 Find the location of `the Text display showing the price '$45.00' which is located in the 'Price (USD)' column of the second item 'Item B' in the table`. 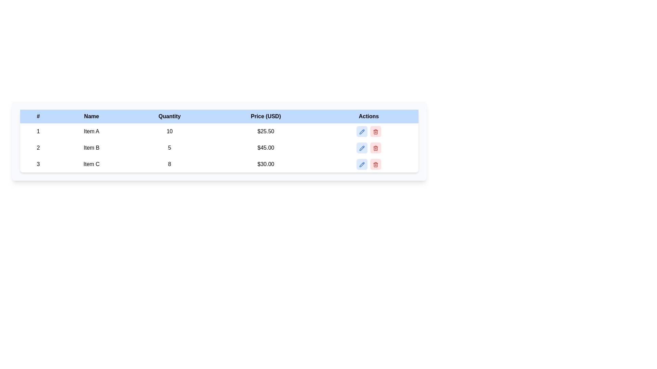

the Text display showing the price '$45.00' which is located in the 'Price (USD)' column of the second item 'Item B' in the table is located at coordinates (266, 147).